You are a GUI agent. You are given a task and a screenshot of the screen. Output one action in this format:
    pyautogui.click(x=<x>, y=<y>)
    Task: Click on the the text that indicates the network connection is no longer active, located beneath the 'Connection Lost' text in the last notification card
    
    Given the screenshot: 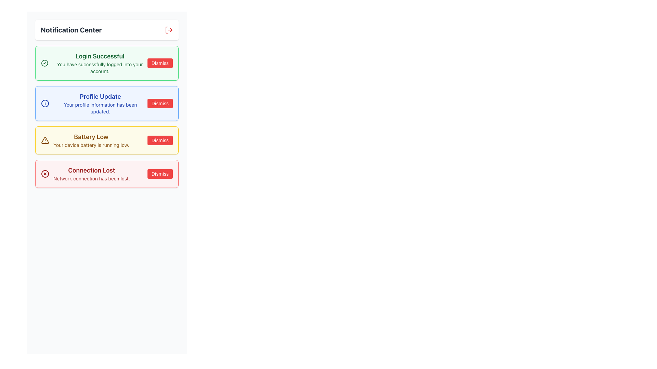 What is the action you would take?
    pyautogui.click(x=91, y=178)
    